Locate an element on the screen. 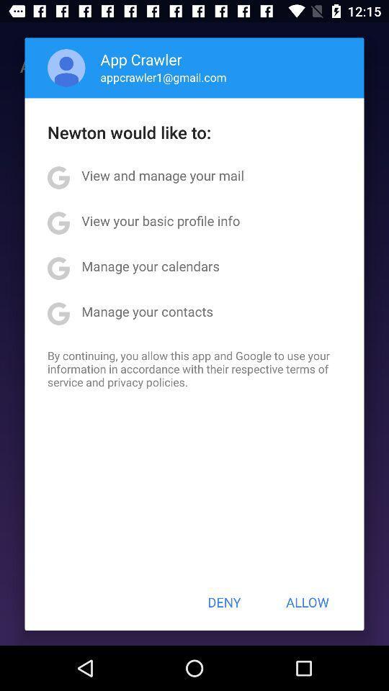 The image size is (389, 691). the app above the appcrawler1@gmail.com is located at coordinates (141, 59).